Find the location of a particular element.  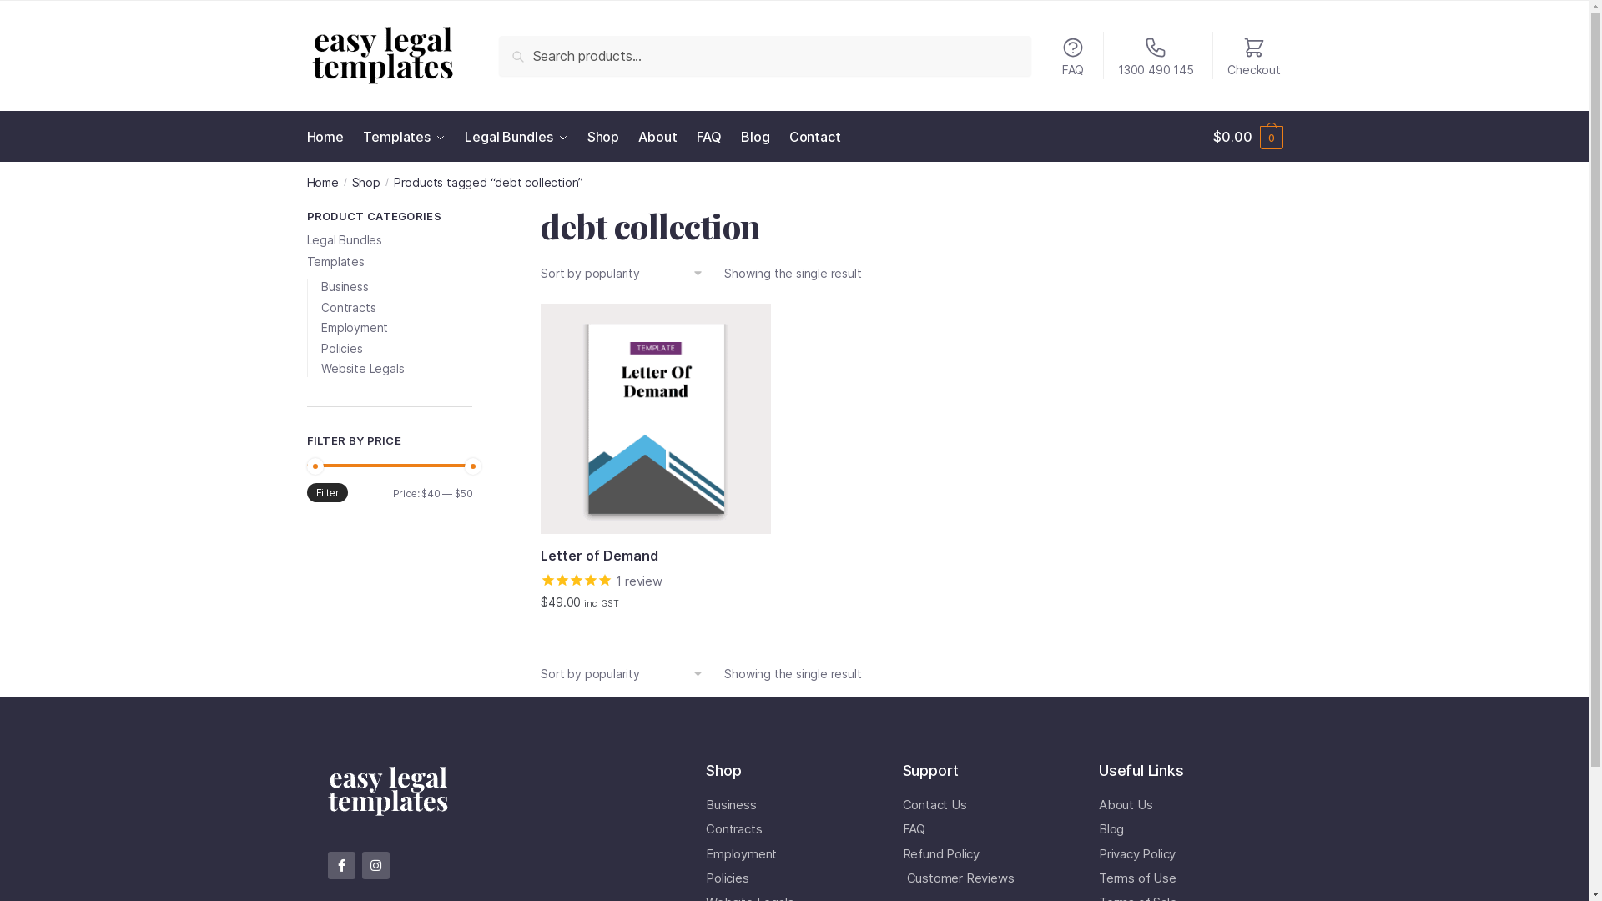

'FAQ' is located at coordinates (1072, 54).